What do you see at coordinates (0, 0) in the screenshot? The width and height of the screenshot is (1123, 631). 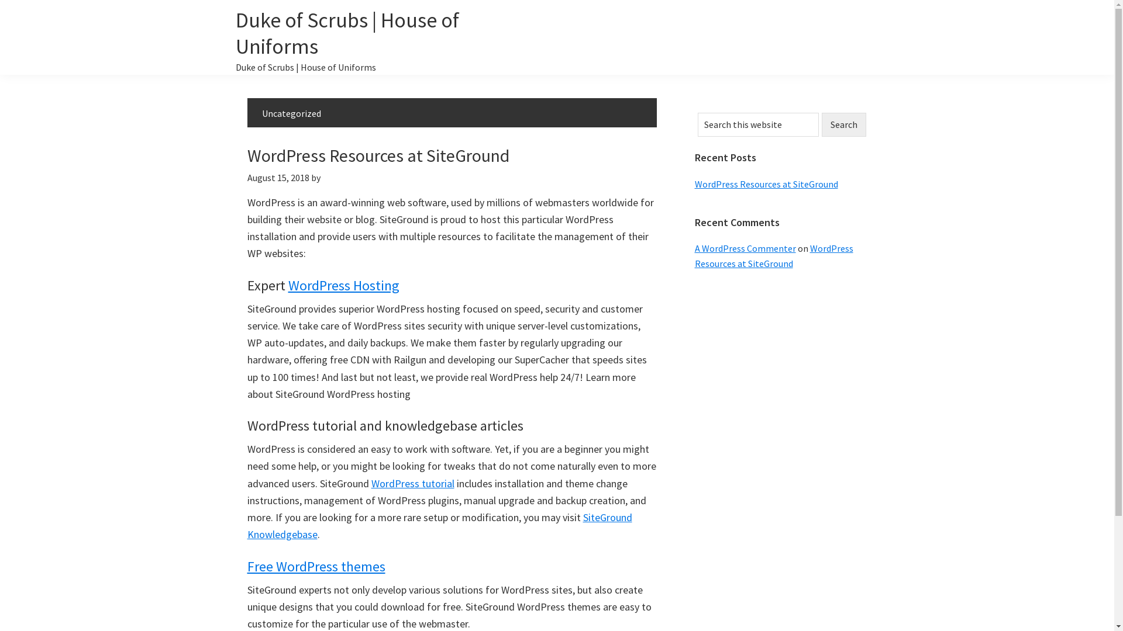 I see `'Skip to primary navigation'` at bounding box center [0, 0].